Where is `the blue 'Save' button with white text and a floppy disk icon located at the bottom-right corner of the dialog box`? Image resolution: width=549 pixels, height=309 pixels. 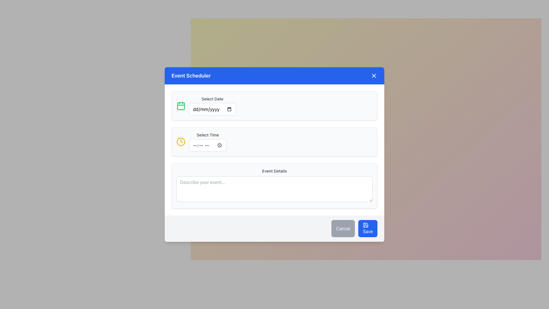
the blue 'Save' button with white text and a floppy disk icon located at the bottom-right corner of the dialog box is located at coordinates (368, 228).